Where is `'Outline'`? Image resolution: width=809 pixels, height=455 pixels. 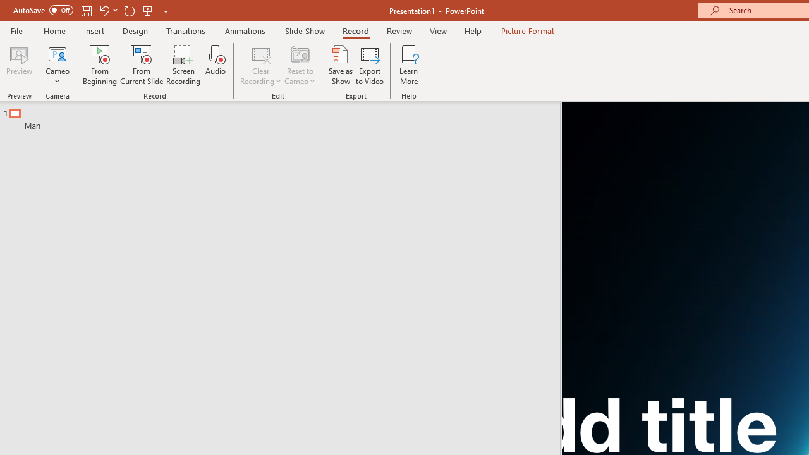 'Outline' is located at coordinates (285, 116).